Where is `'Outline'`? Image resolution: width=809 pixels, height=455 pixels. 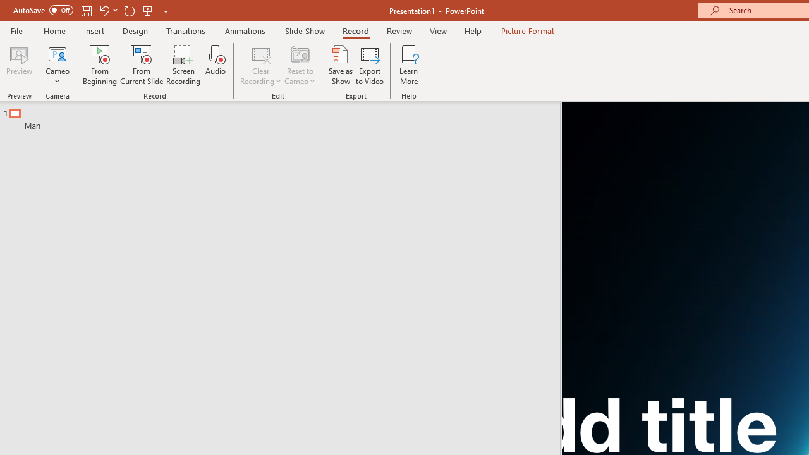 'Outline' is located at coordinates (285, 116).